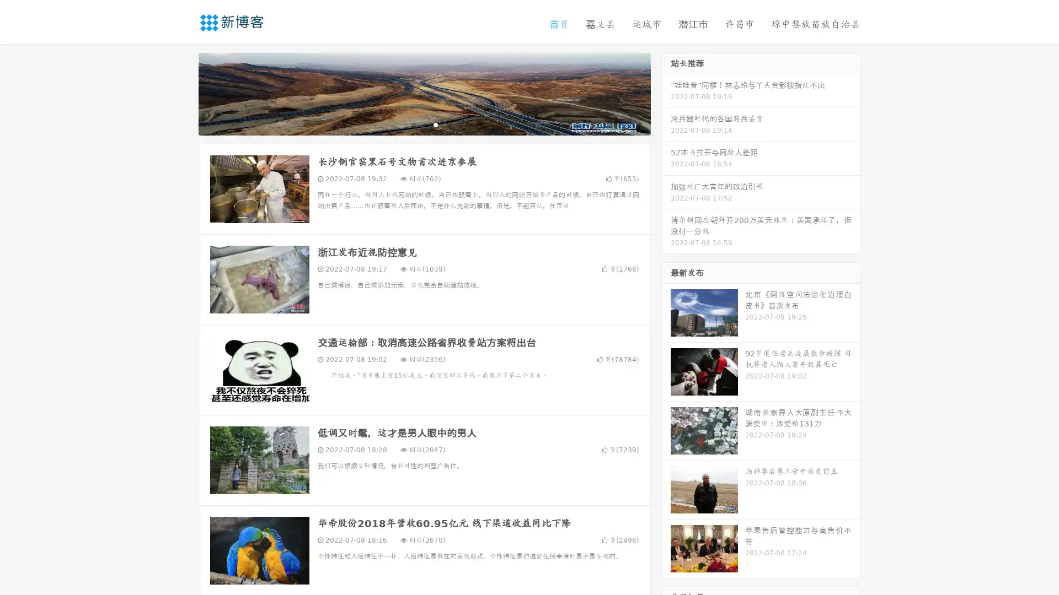 This screenshot has height=595, width=1059. I want to click on Next slide, so click(666, 93).